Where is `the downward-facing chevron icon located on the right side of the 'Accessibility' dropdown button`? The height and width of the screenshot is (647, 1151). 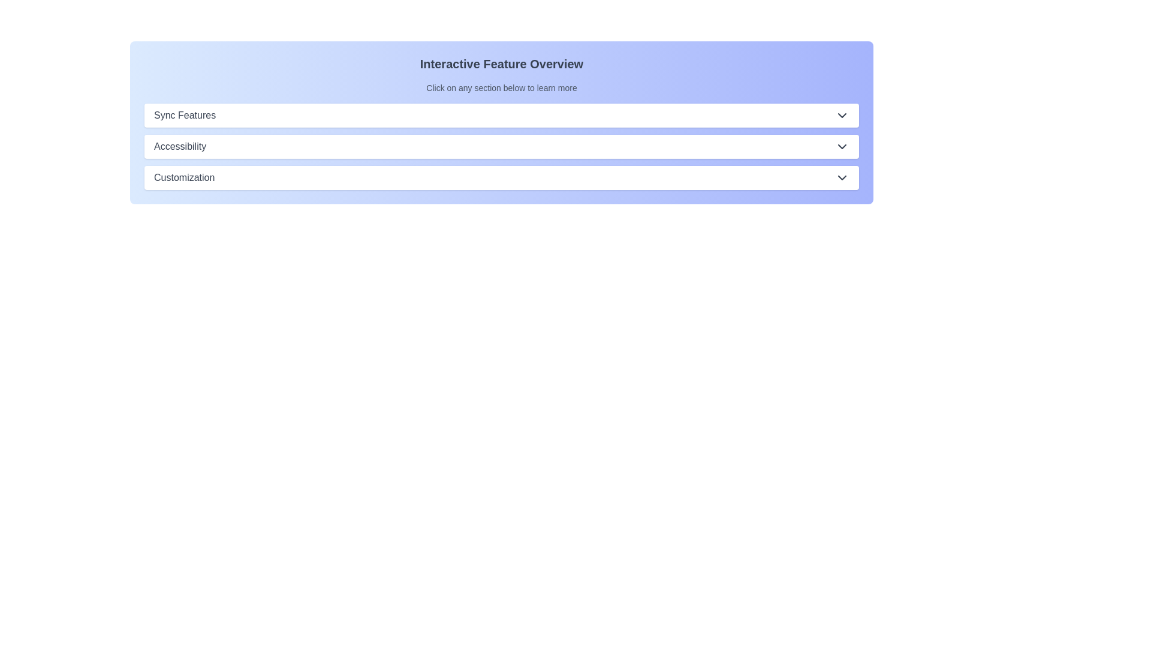
the downward-facing chevron icon located on the right side of the 'Accessibility' dropdown button is located at coordinates (842, 146).